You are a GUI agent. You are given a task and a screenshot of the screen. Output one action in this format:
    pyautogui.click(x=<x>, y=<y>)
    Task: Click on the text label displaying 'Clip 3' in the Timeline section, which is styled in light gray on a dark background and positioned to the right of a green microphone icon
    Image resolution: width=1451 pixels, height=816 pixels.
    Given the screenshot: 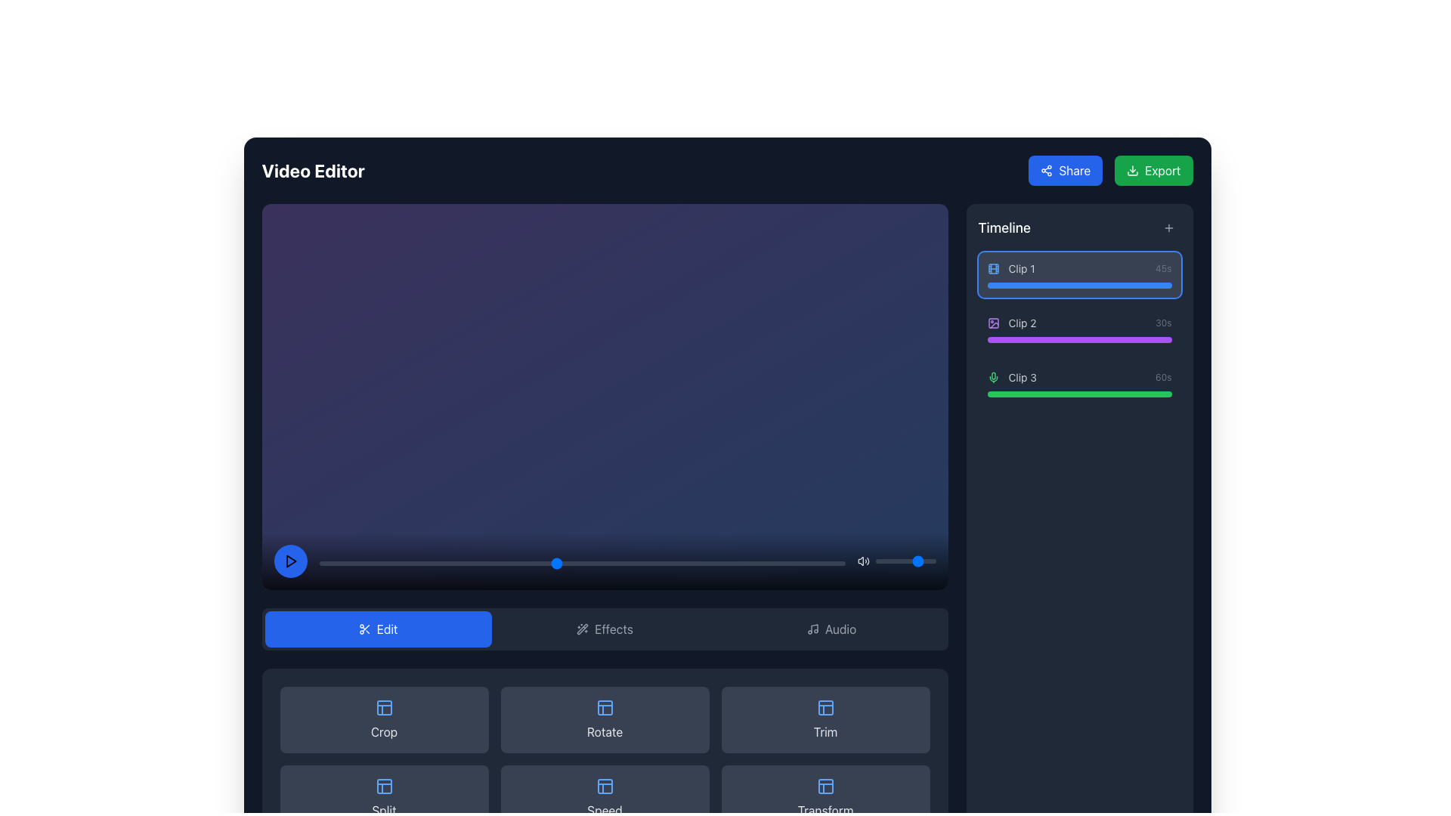 What is the action you would take?
    pyautogui.click(x=1023, y=377)
    